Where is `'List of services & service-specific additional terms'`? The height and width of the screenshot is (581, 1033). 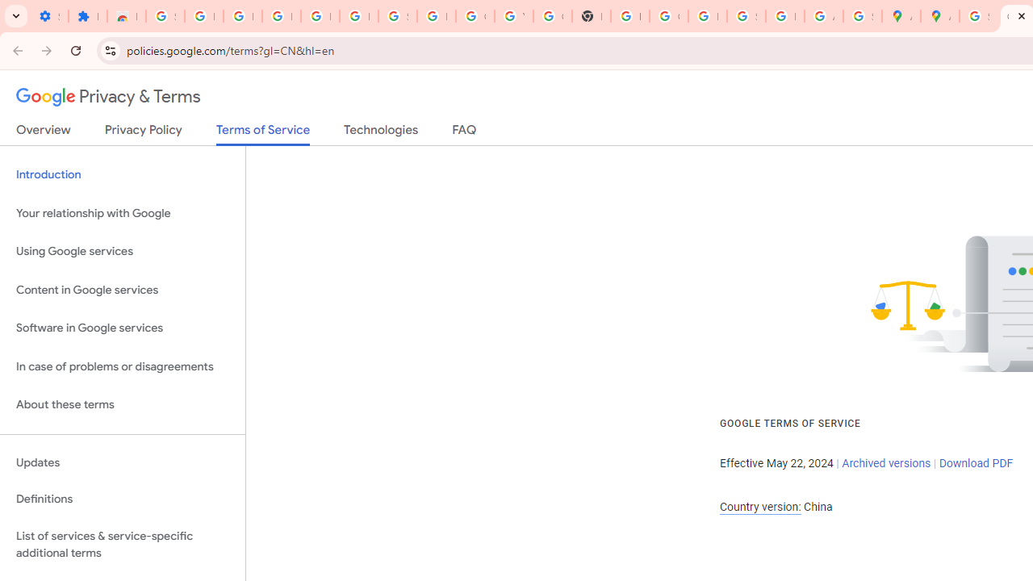 'List of services & service-specific additional terms' is located at coordinates (122, 545).